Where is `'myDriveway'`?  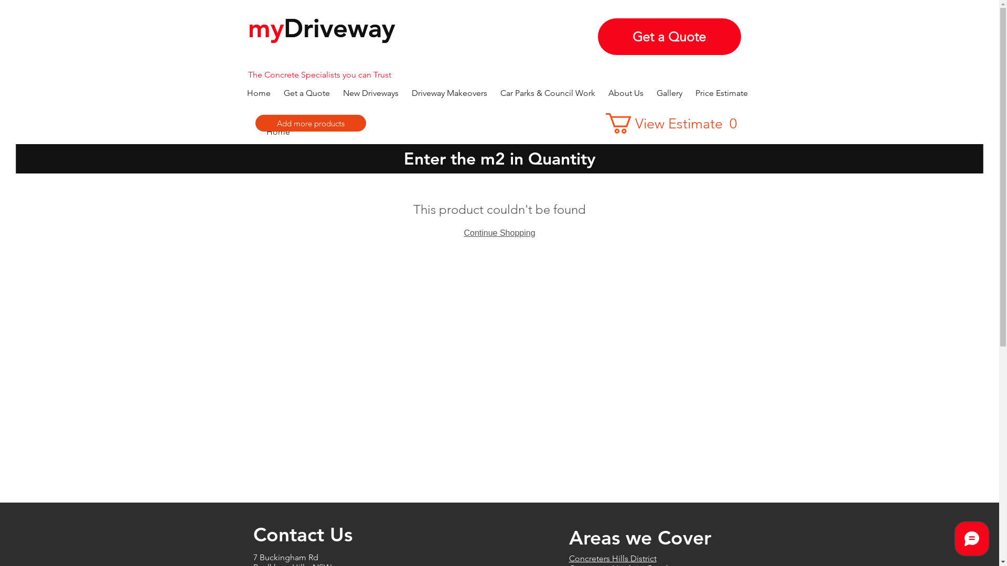
'myDriveway' is located at coordinates (320, 27).